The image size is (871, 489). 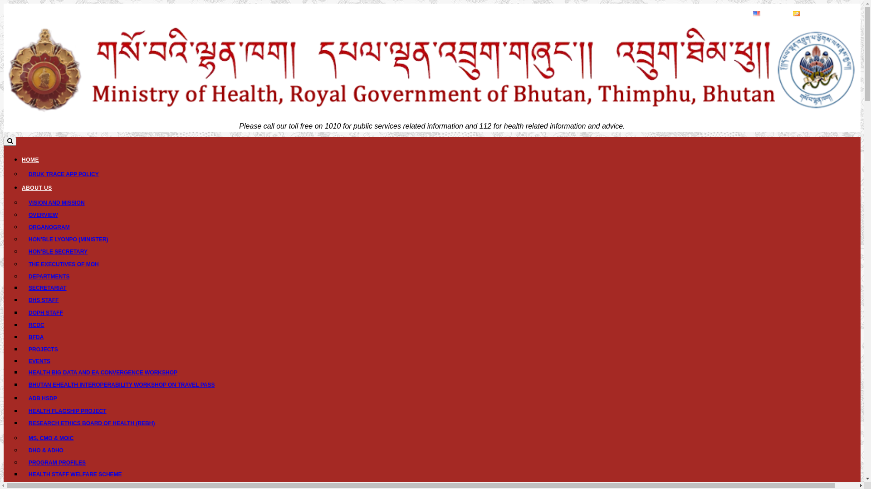 What do you see at coordinates (767, 14) in the screenshot?
I see `'English'` at bounding box center [767, 14].